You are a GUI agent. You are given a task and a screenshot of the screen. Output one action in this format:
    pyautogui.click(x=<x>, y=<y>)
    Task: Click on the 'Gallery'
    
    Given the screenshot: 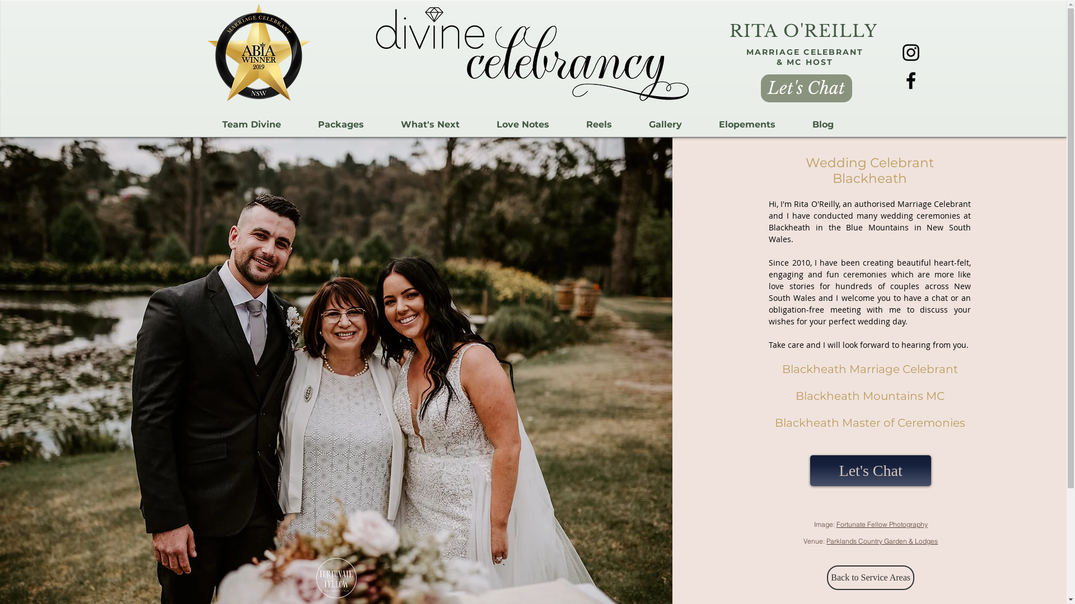 What is the action you would take?
    pyautogui.click(x=665, y=125)
    